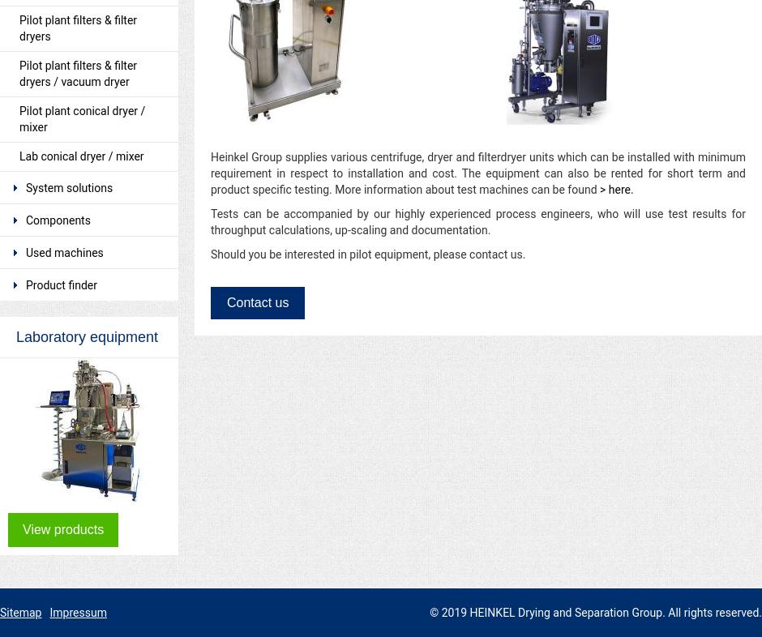 This screenshot has height=637, width=762. I want to click on 'Should you be interested in pilot equipment, please contact us.', so click(211, 254).